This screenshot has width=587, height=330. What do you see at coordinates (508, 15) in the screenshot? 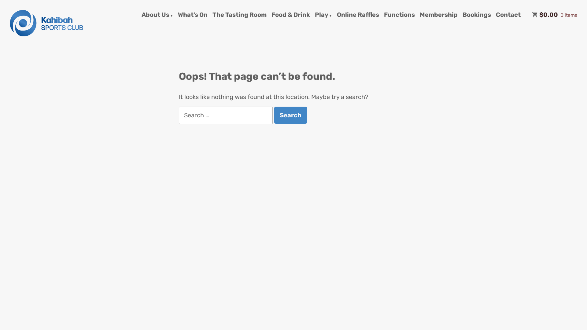
I see `'Contact'` at bounding box center [508, 15].